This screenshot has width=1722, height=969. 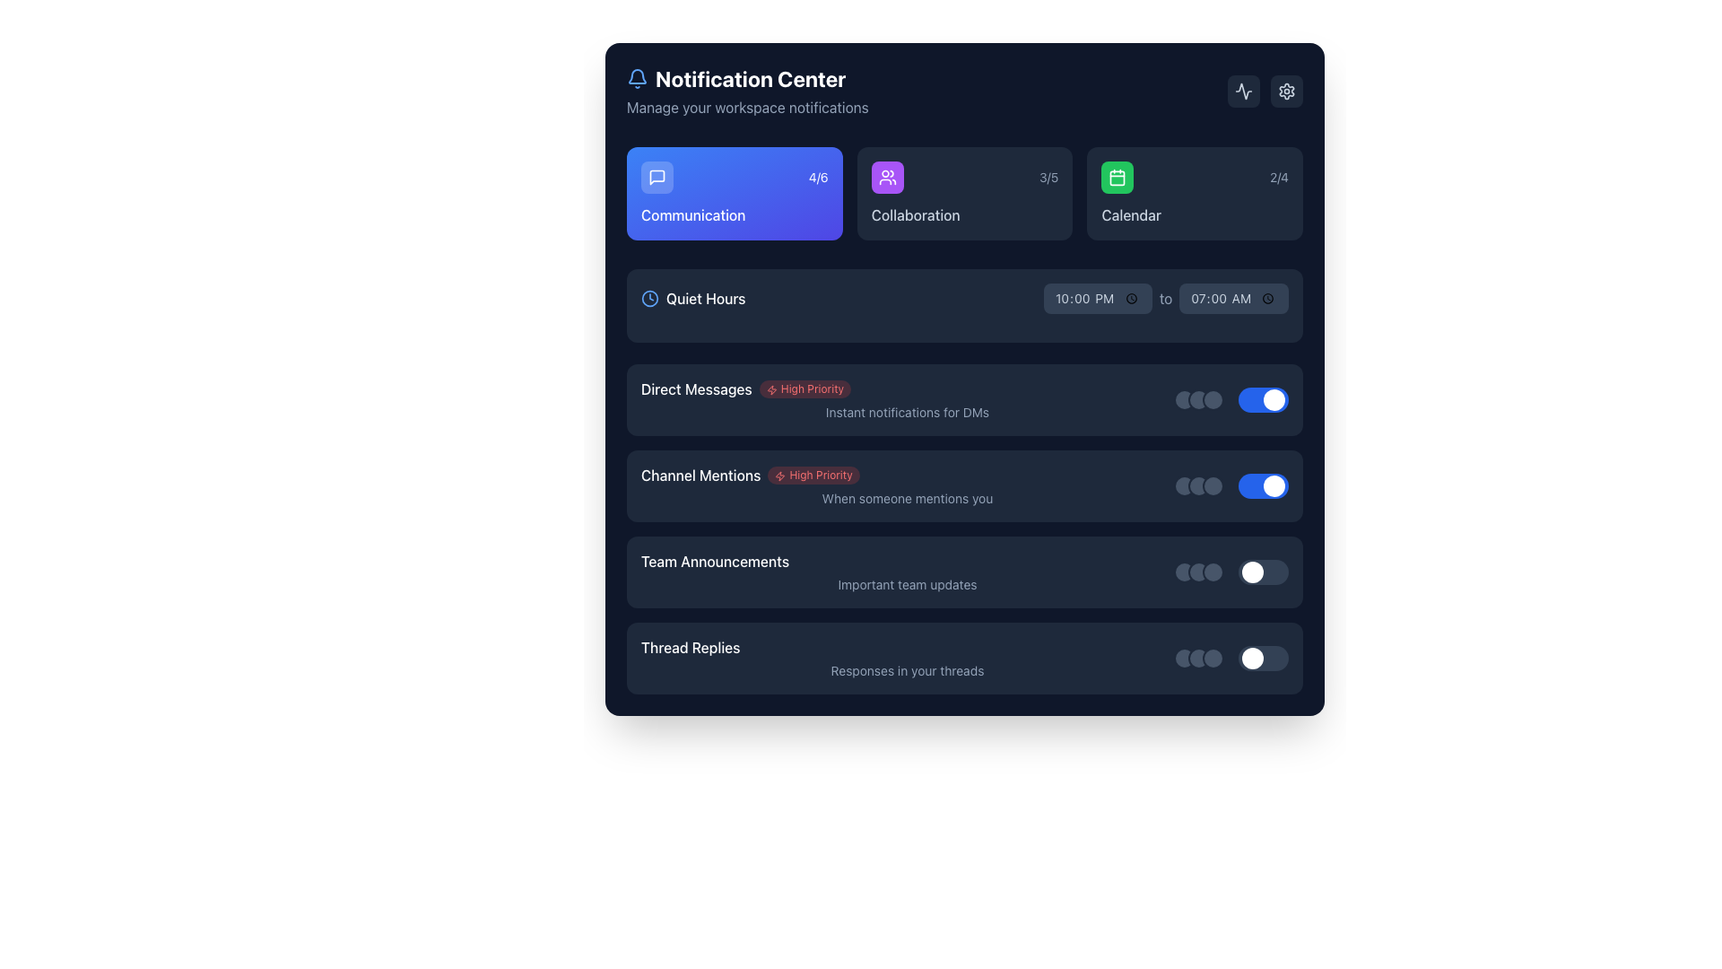 I want to click on the toggle switch knob located, so click(x=1230, y=572).